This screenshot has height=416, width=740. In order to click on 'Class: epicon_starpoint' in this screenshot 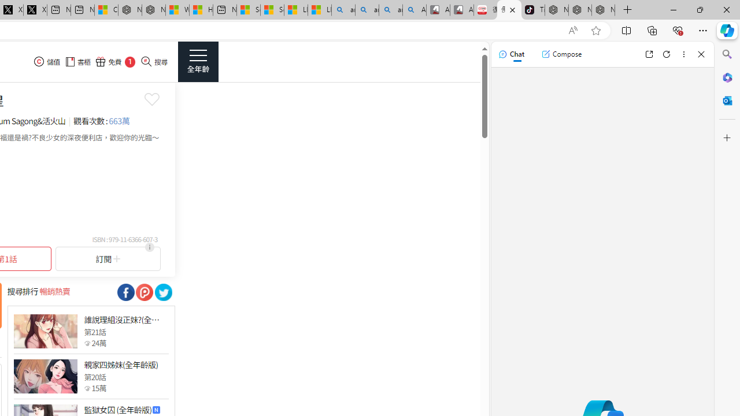, I will do `click(87, 388)`.